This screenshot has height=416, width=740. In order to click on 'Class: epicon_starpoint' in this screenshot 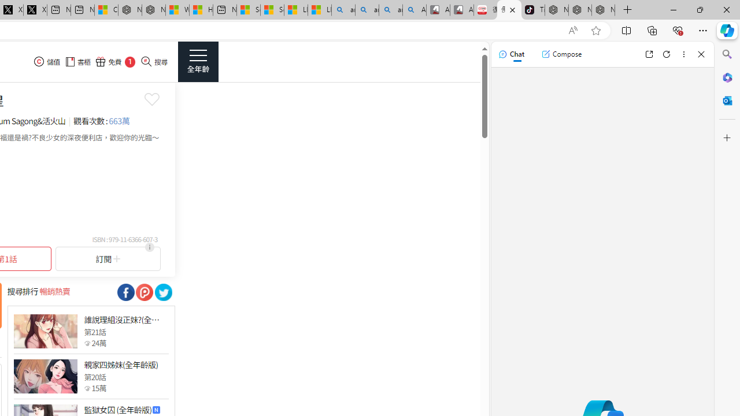, I will do `click(87, 388)`.